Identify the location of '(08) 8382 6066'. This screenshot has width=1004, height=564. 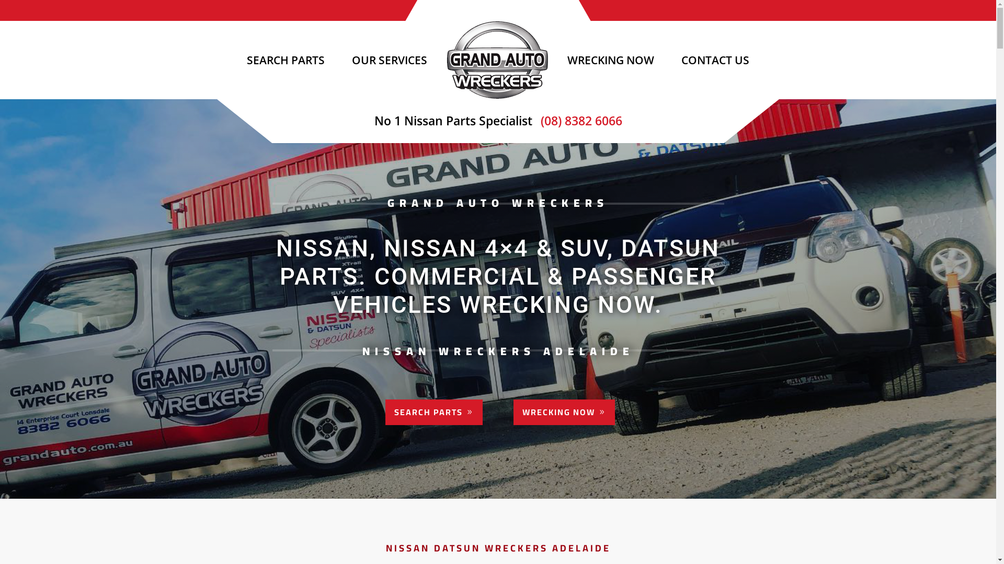
(578, 120).